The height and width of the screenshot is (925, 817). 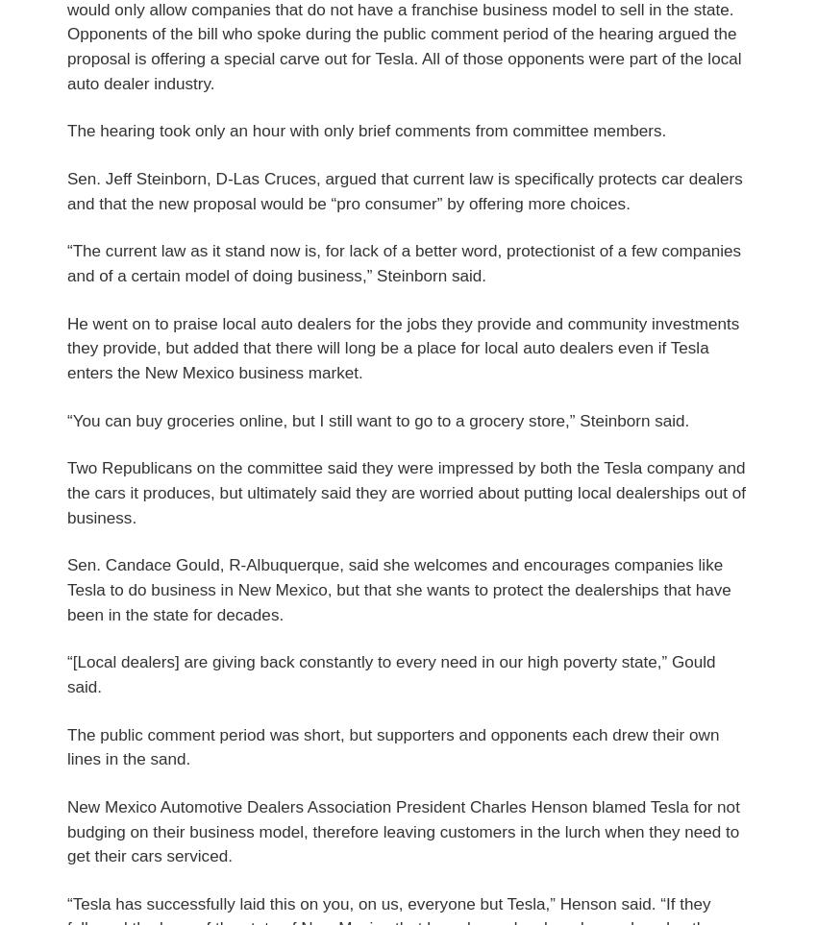 What do you see at coordinates (402, 831) in the screenshot?
I see `'New Mexico Automotive Dealers Association President Charles Henson blamed Tesla for not budging on their business model, therefore leaving customers in the lurch when they need to get their cars serviced.'` at bounding box center [402, 831].